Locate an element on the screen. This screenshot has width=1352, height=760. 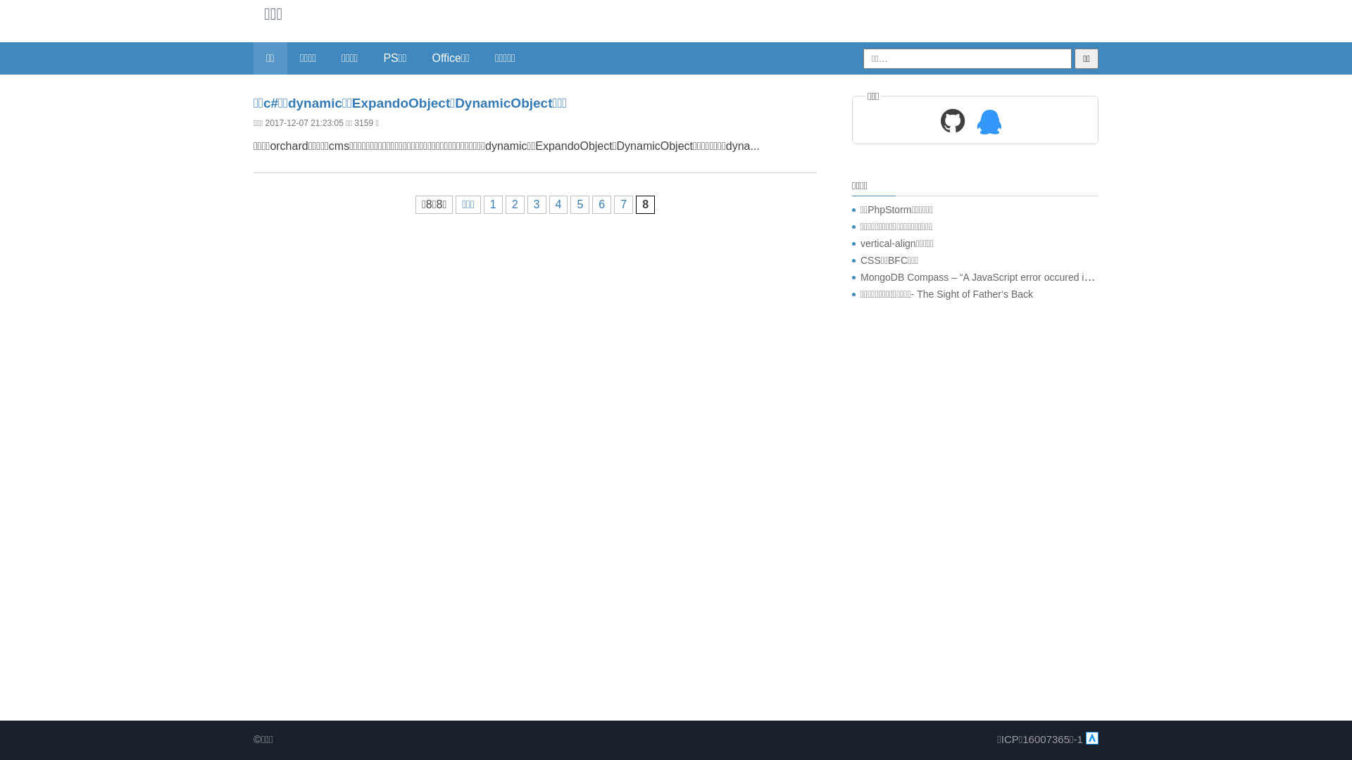
'4' is located at coordinates (558, 204).